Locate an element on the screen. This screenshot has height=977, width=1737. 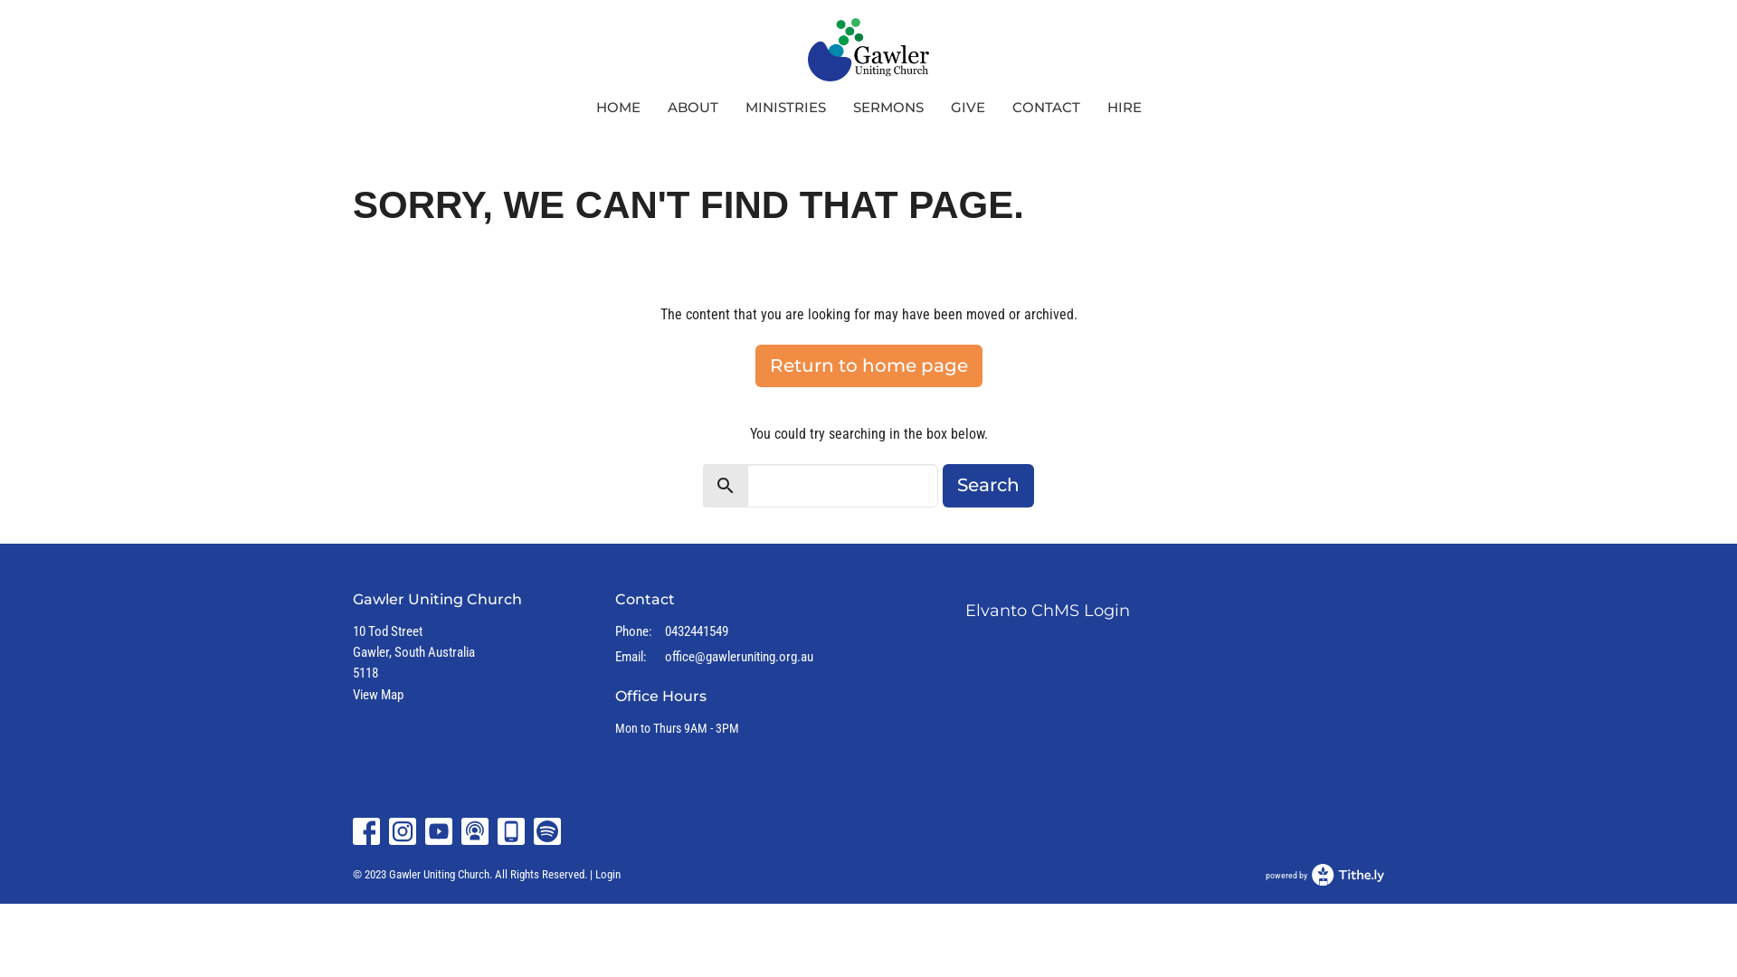
'SERMONS' is located at coordinates (887, 107).